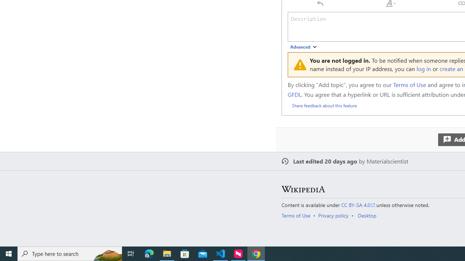 This screenshot has width=465, height=261. Describe the element at coordinates (304, 47) in the screenshot. I see `'Advanced'` at that location.